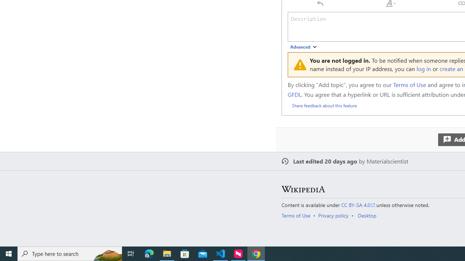 This screenshot has width=465, height=261. Describe the element at coordinates (304, 47) in the screenshot. I see `'Advanced'` at that location.